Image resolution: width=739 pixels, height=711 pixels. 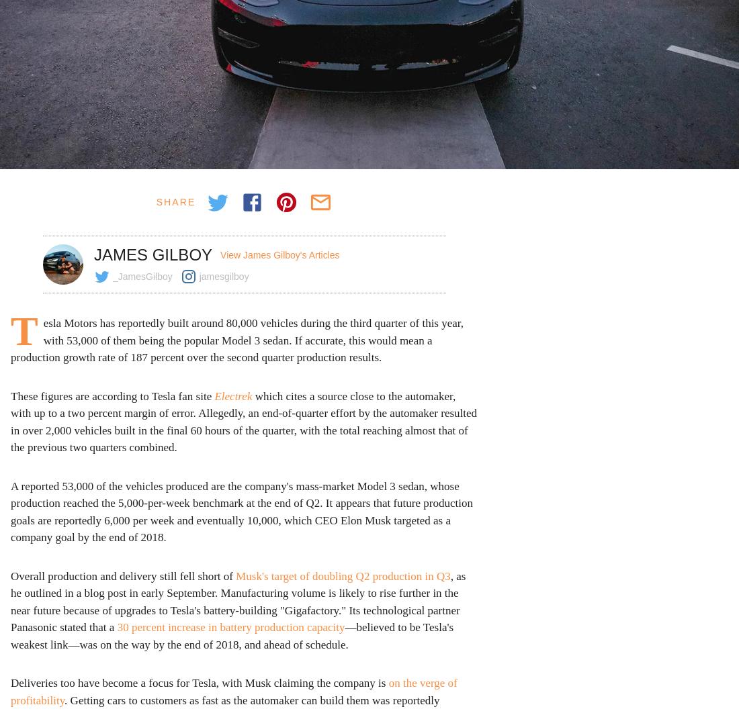 I want to click on 'These figures are according to Tesla fan site', so click(x=9, y=395).